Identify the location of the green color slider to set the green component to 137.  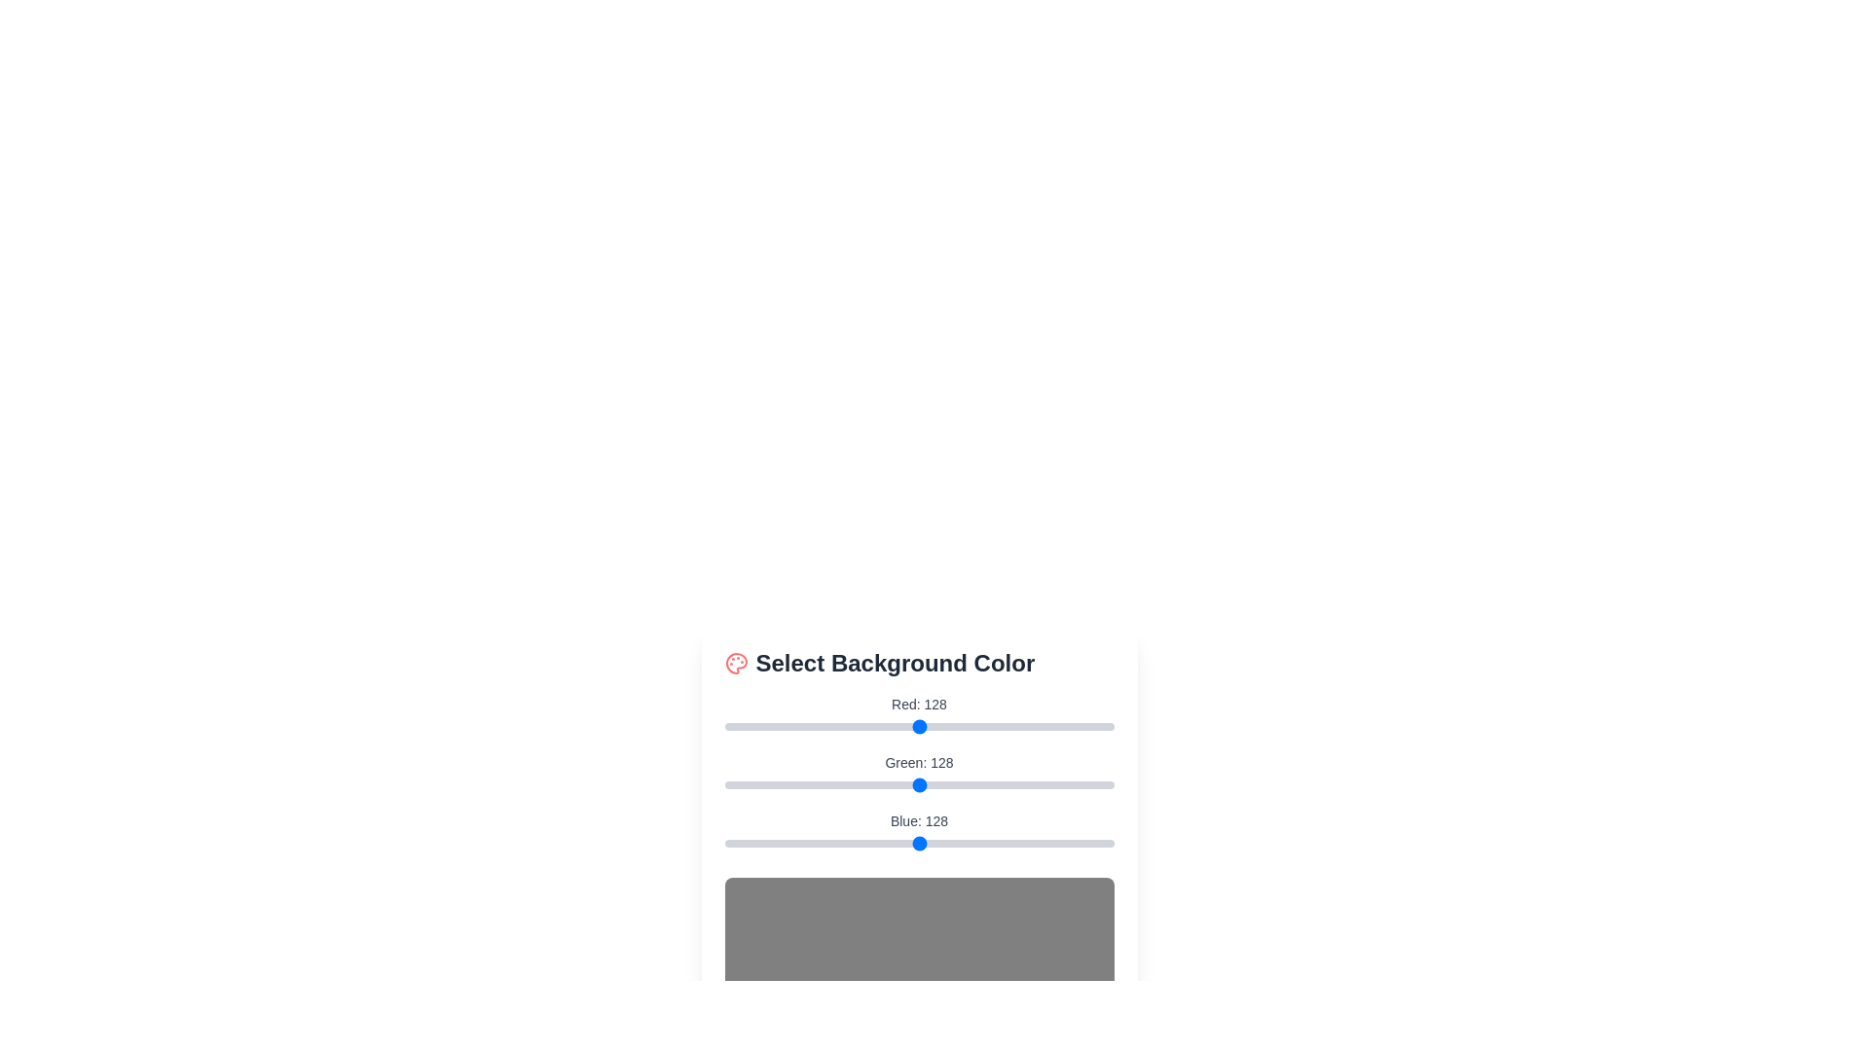
(933, 783).